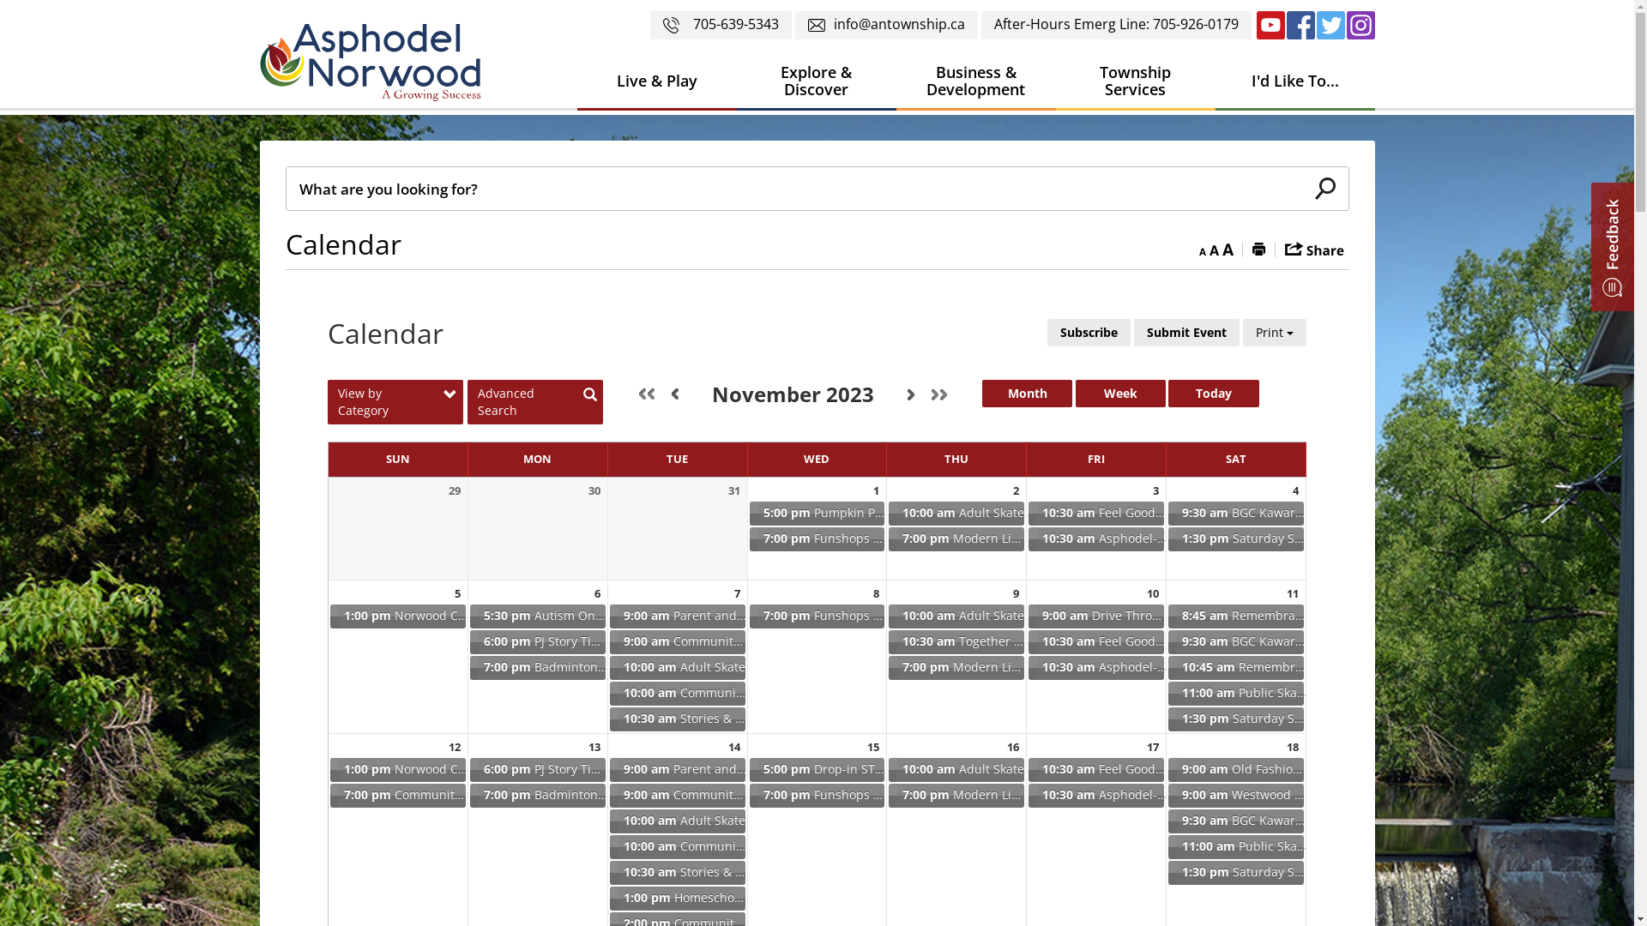 Image resolution: width=1647 pixels, height=926 pixels. Describe the element at coordinates (589, 395) in the screenshot. I see `'Icon - Advanced Search'` at that location.